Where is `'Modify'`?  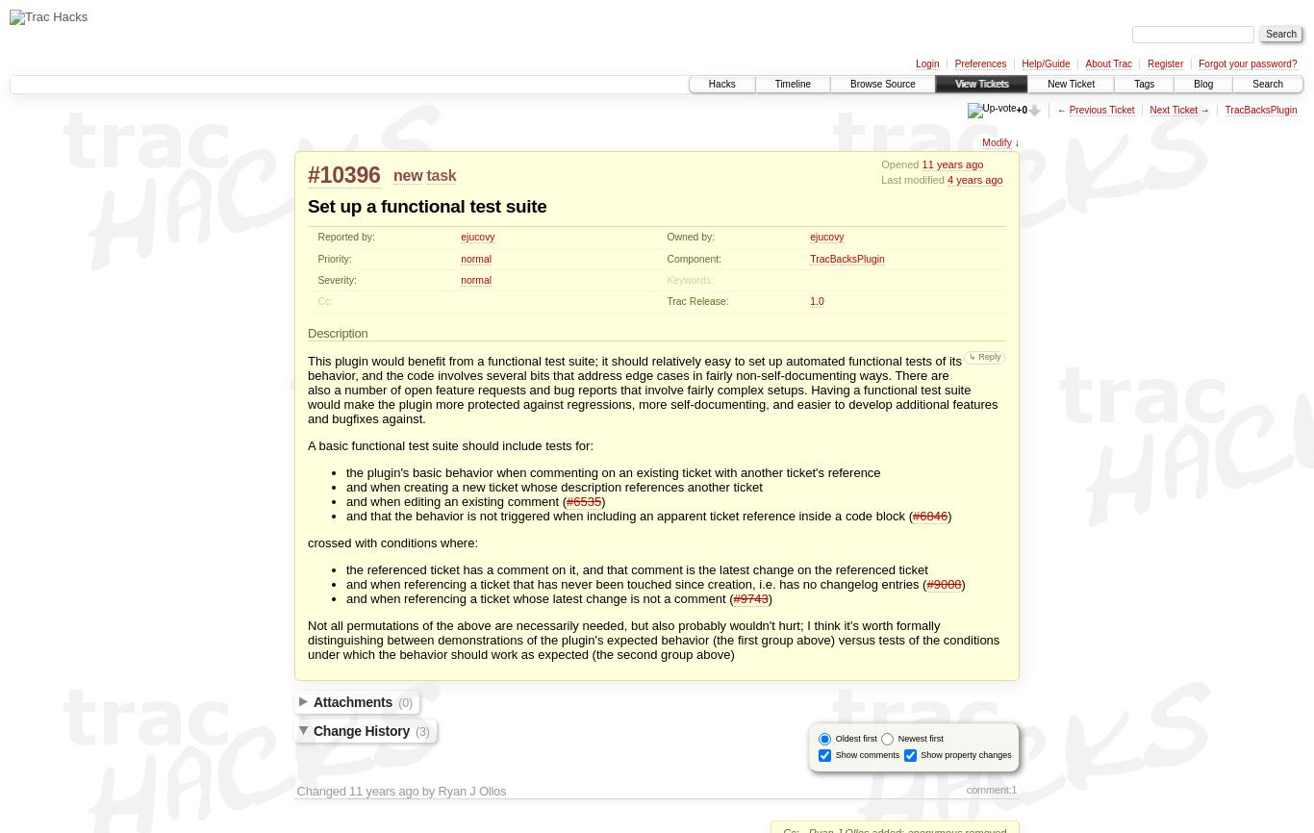
'Modify' is located at coordinates (981, 142).